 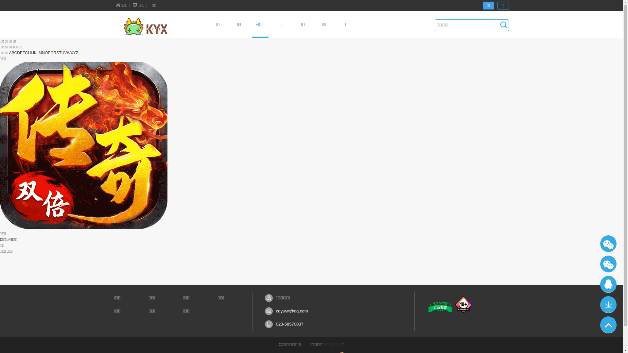 I want to click on 'R', so click(x=55, y=53).